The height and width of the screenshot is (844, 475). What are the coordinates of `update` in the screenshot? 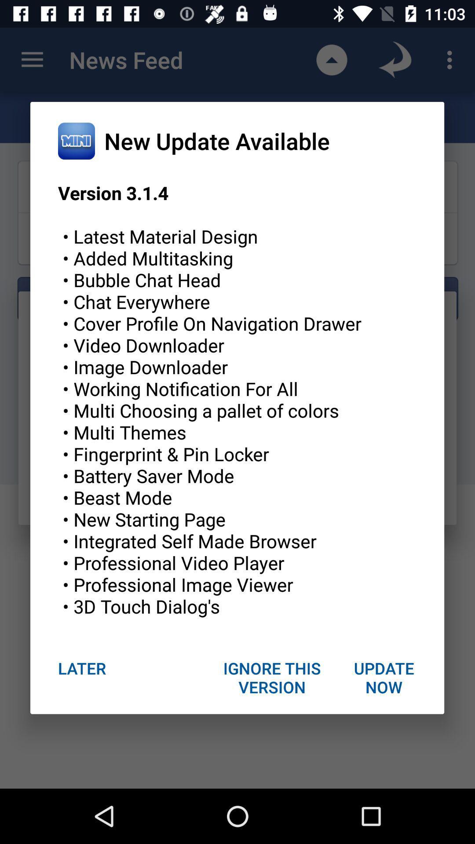 It's located at (383, 677).